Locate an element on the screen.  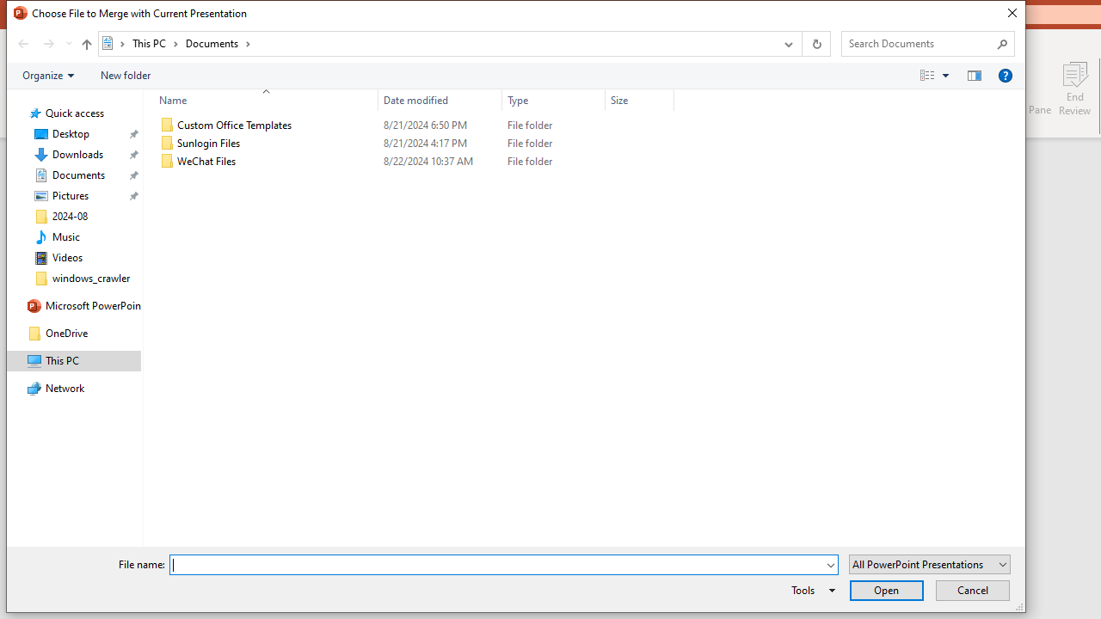
'Date modified' is located at coordinates (440, 100).